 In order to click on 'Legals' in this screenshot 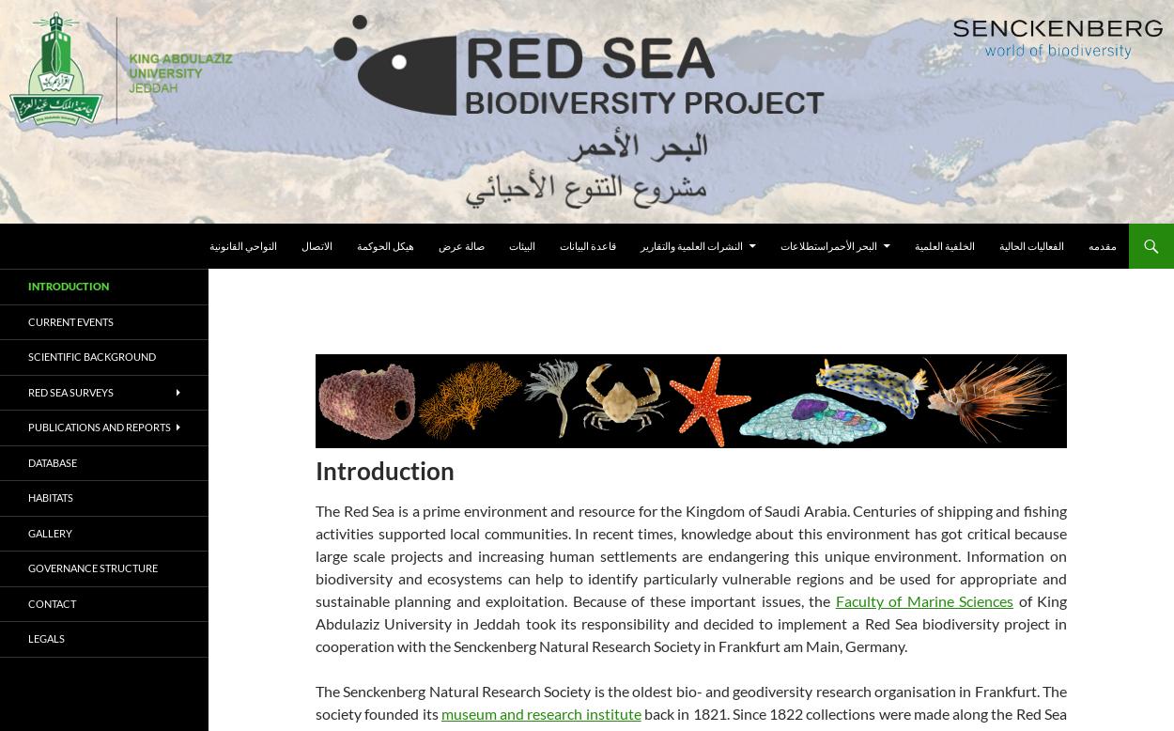, I will do `click(28, 638)`.